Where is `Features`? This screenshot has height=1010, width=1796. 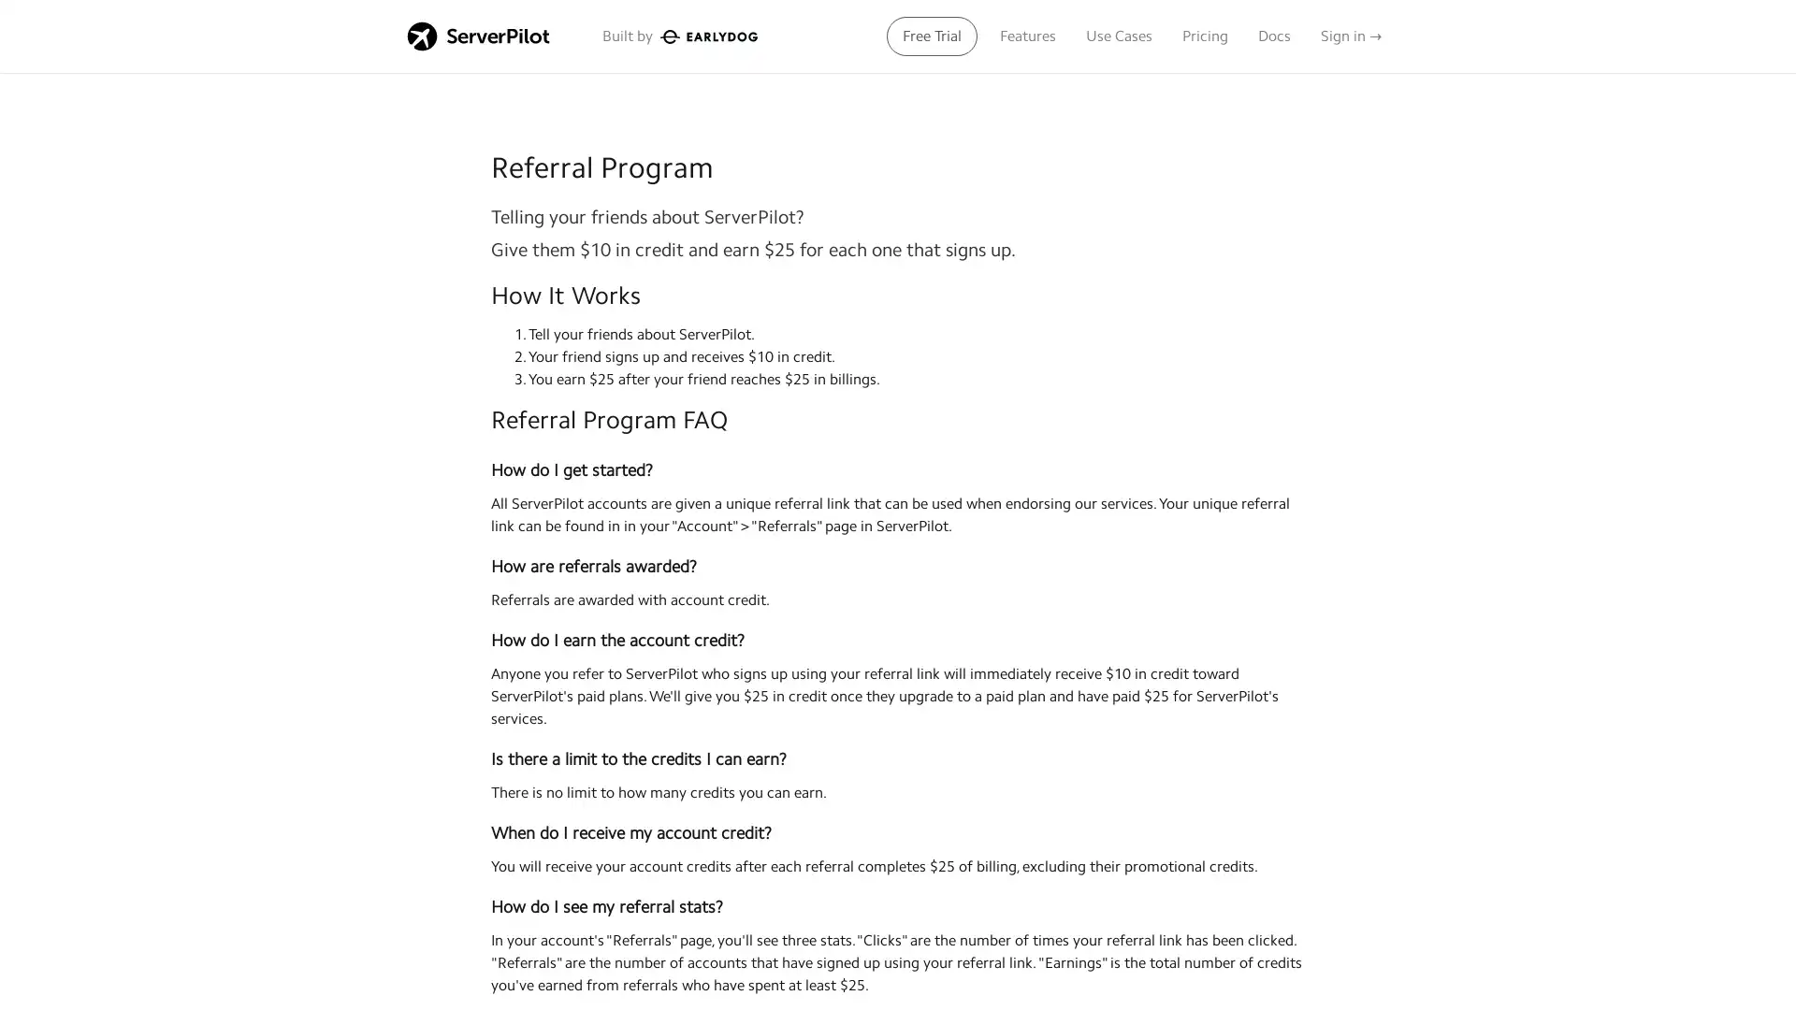 Features is located at coordinates (1027, 36).